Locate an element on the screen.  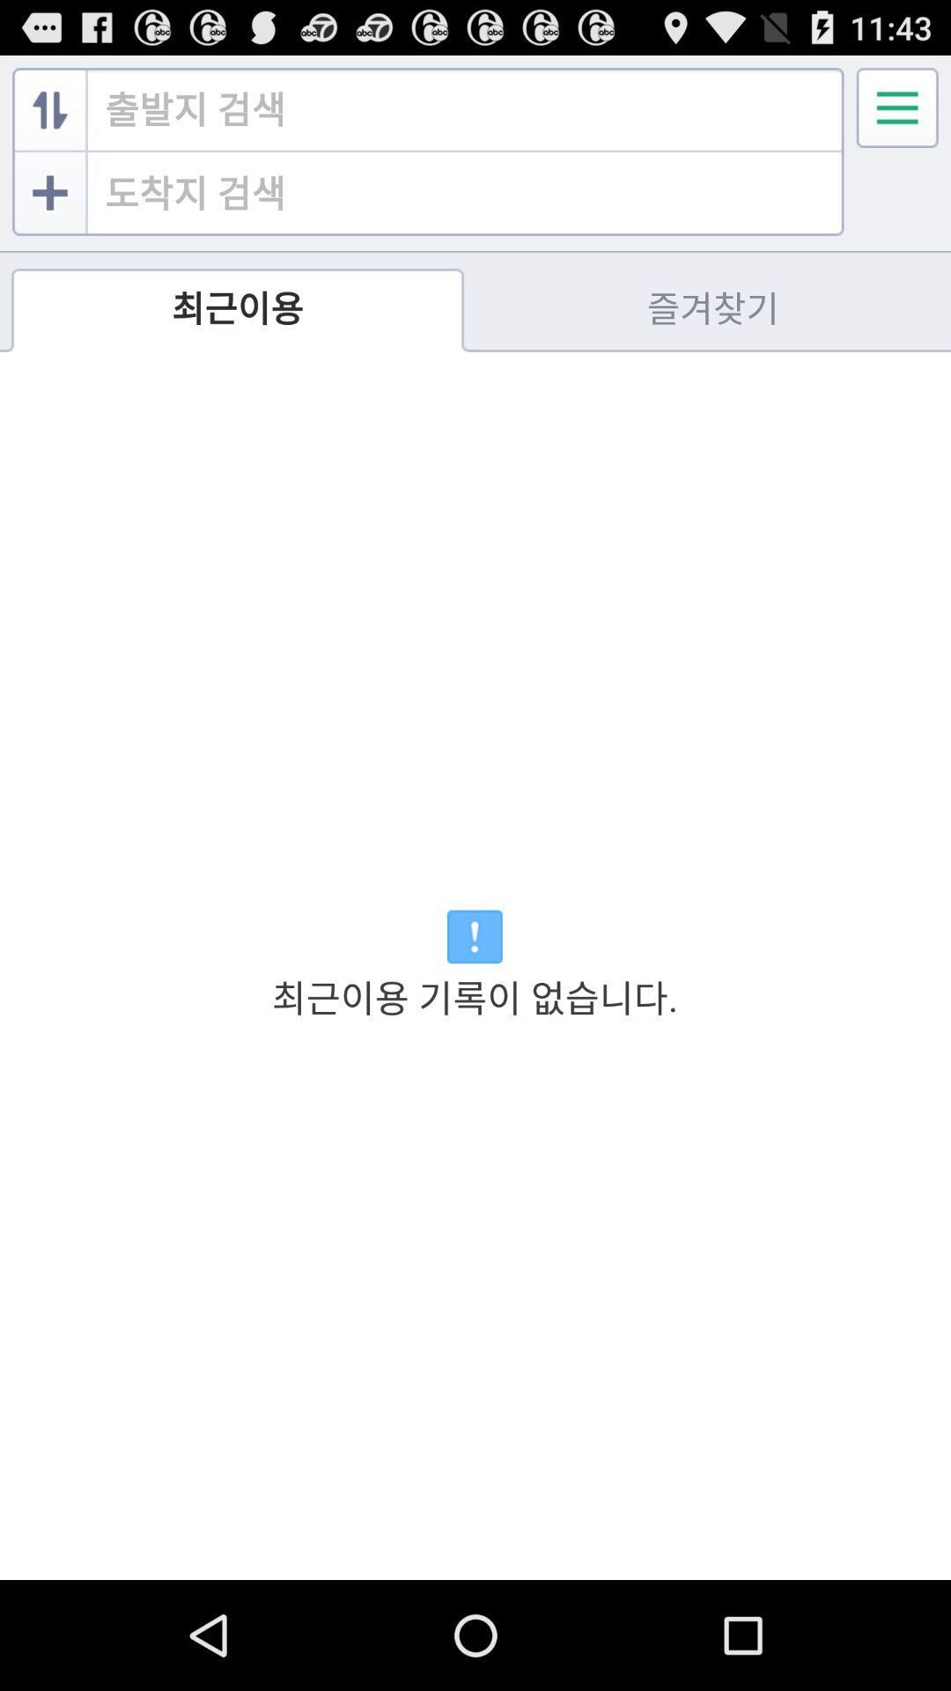
the add icon is located at coordinates (49, 207).